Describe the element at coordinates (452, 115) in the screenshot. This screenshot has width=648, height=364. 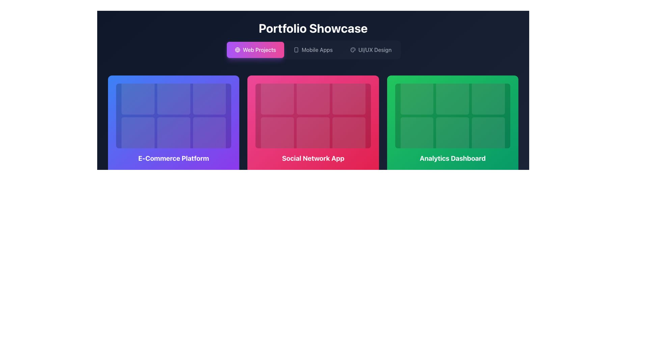
I see `one of the tiles within the grid of six interactive tiles located inside the green card labeled 'Analytics Dashboard'` at that location.